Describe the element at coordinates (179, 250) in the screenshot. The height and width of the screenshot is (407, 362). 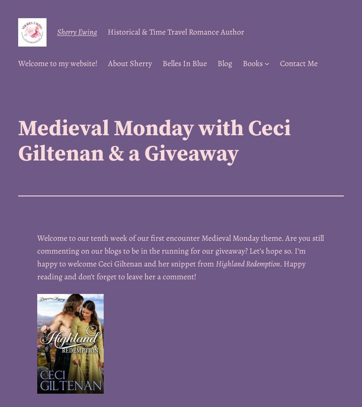
I see `'Welcome to our tenth week of our first encounter Medieval Monday theme. Are you still commenting on our blogs to be in the running for our giveaway? Let’s hope so. I’m happy to welcome Ceci Giltenan and her snippet from'` at that location.